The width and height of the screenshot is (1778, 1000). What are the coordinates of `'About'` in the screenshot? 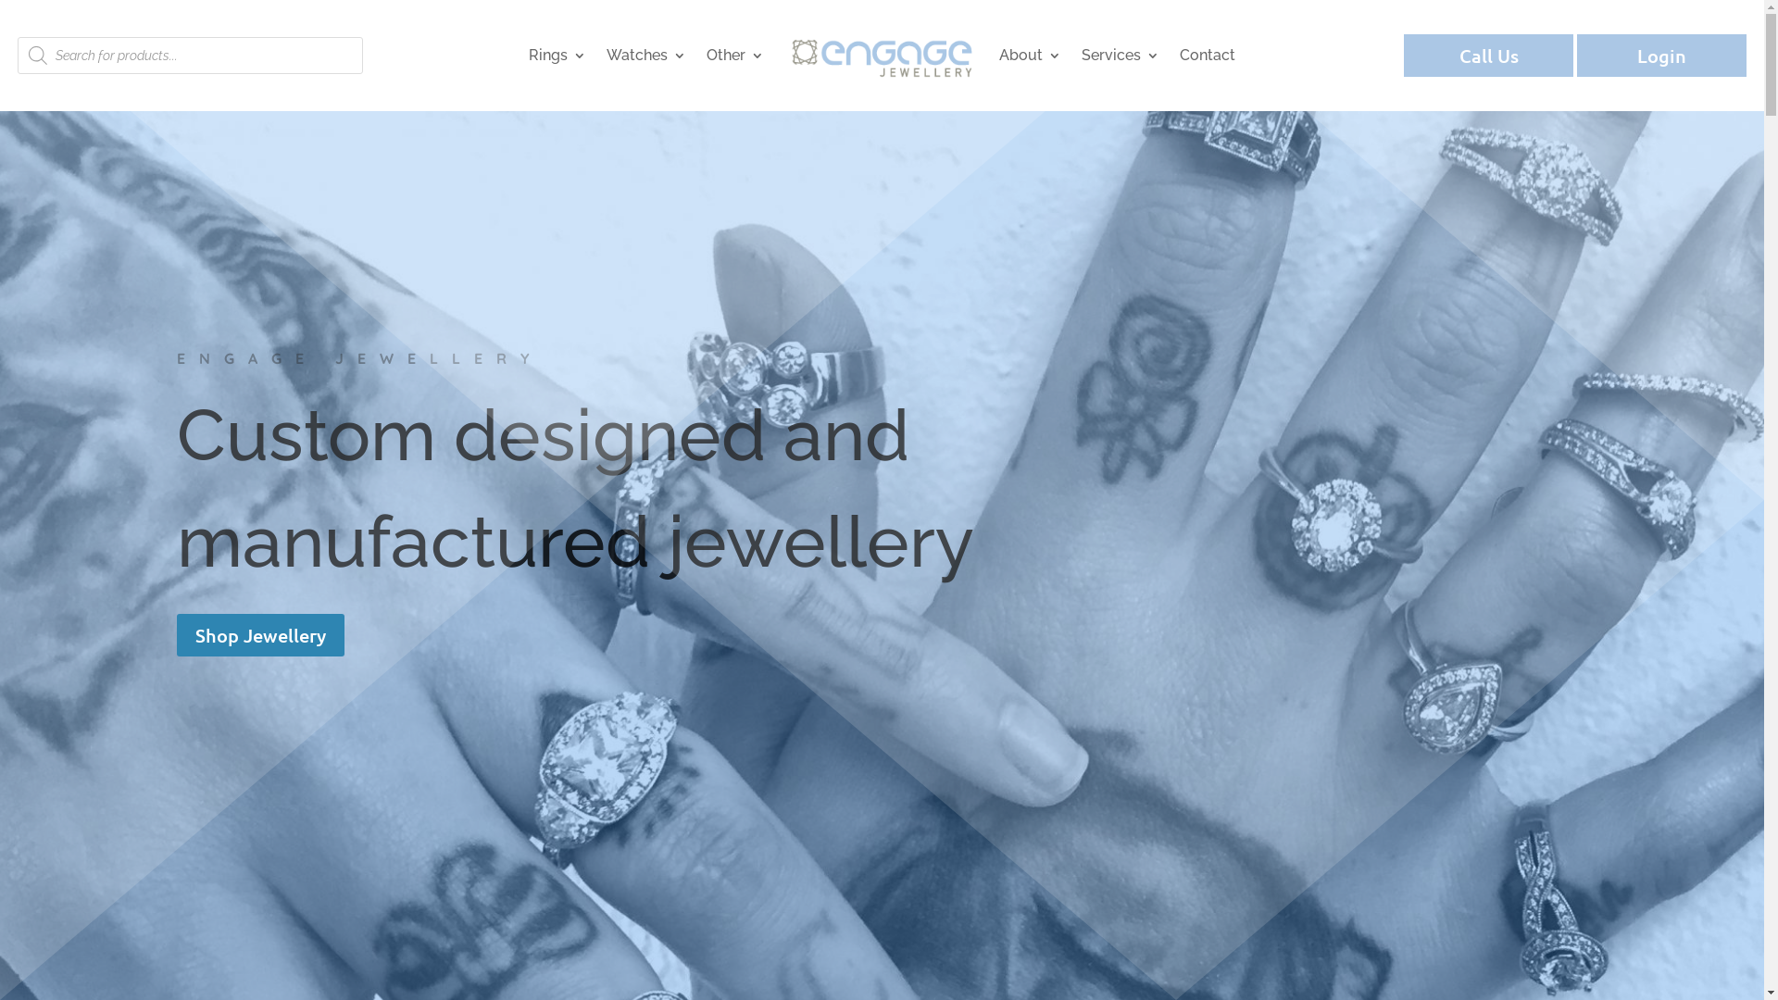 It's located at (1029, 55).